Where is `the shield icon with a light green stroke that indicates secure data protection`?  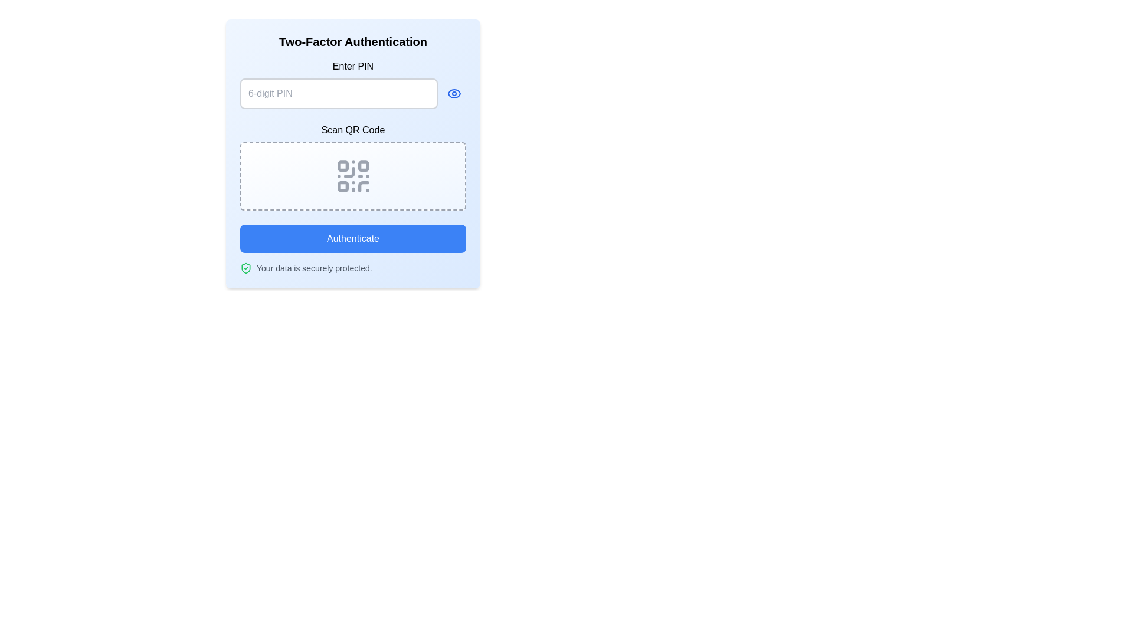 the shield icon with a light green stroke that indicates secure data protection is located at coordinates (245, 268).